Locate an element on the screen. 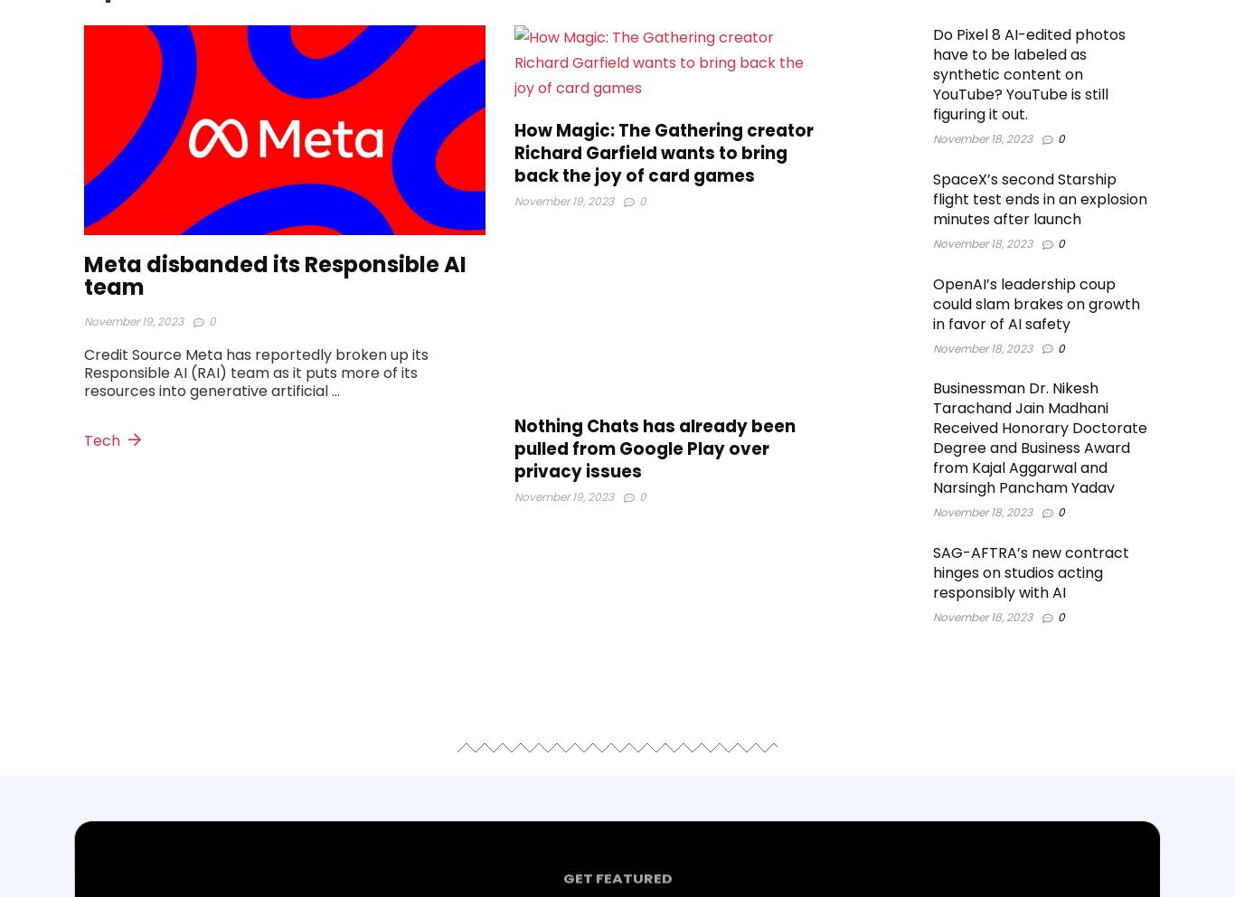  'SpaceX’s second Starship flight test ends in an explosion minutes after launch' is located at coordinates (1039, 199).